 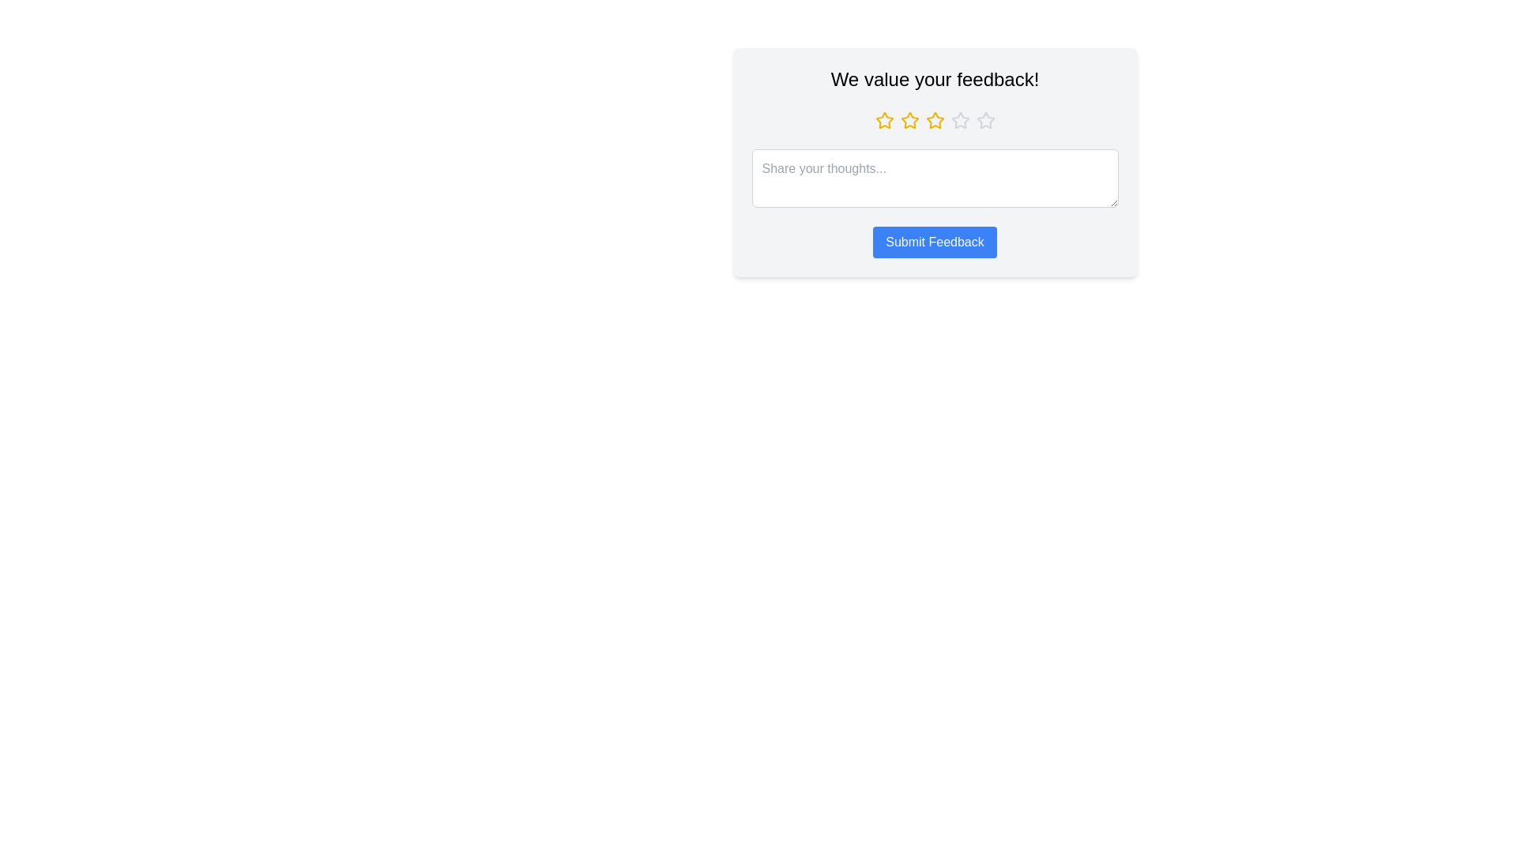 I want to click on the first yellow star icon in the rating system, so click(x=883, y=119).